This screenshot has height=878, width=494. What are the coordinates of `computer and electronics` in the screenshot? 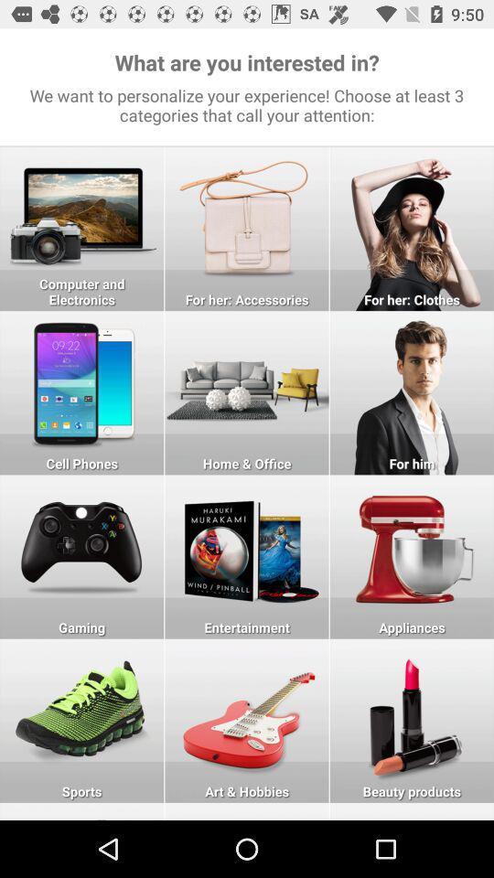 It's located at (81, 228).